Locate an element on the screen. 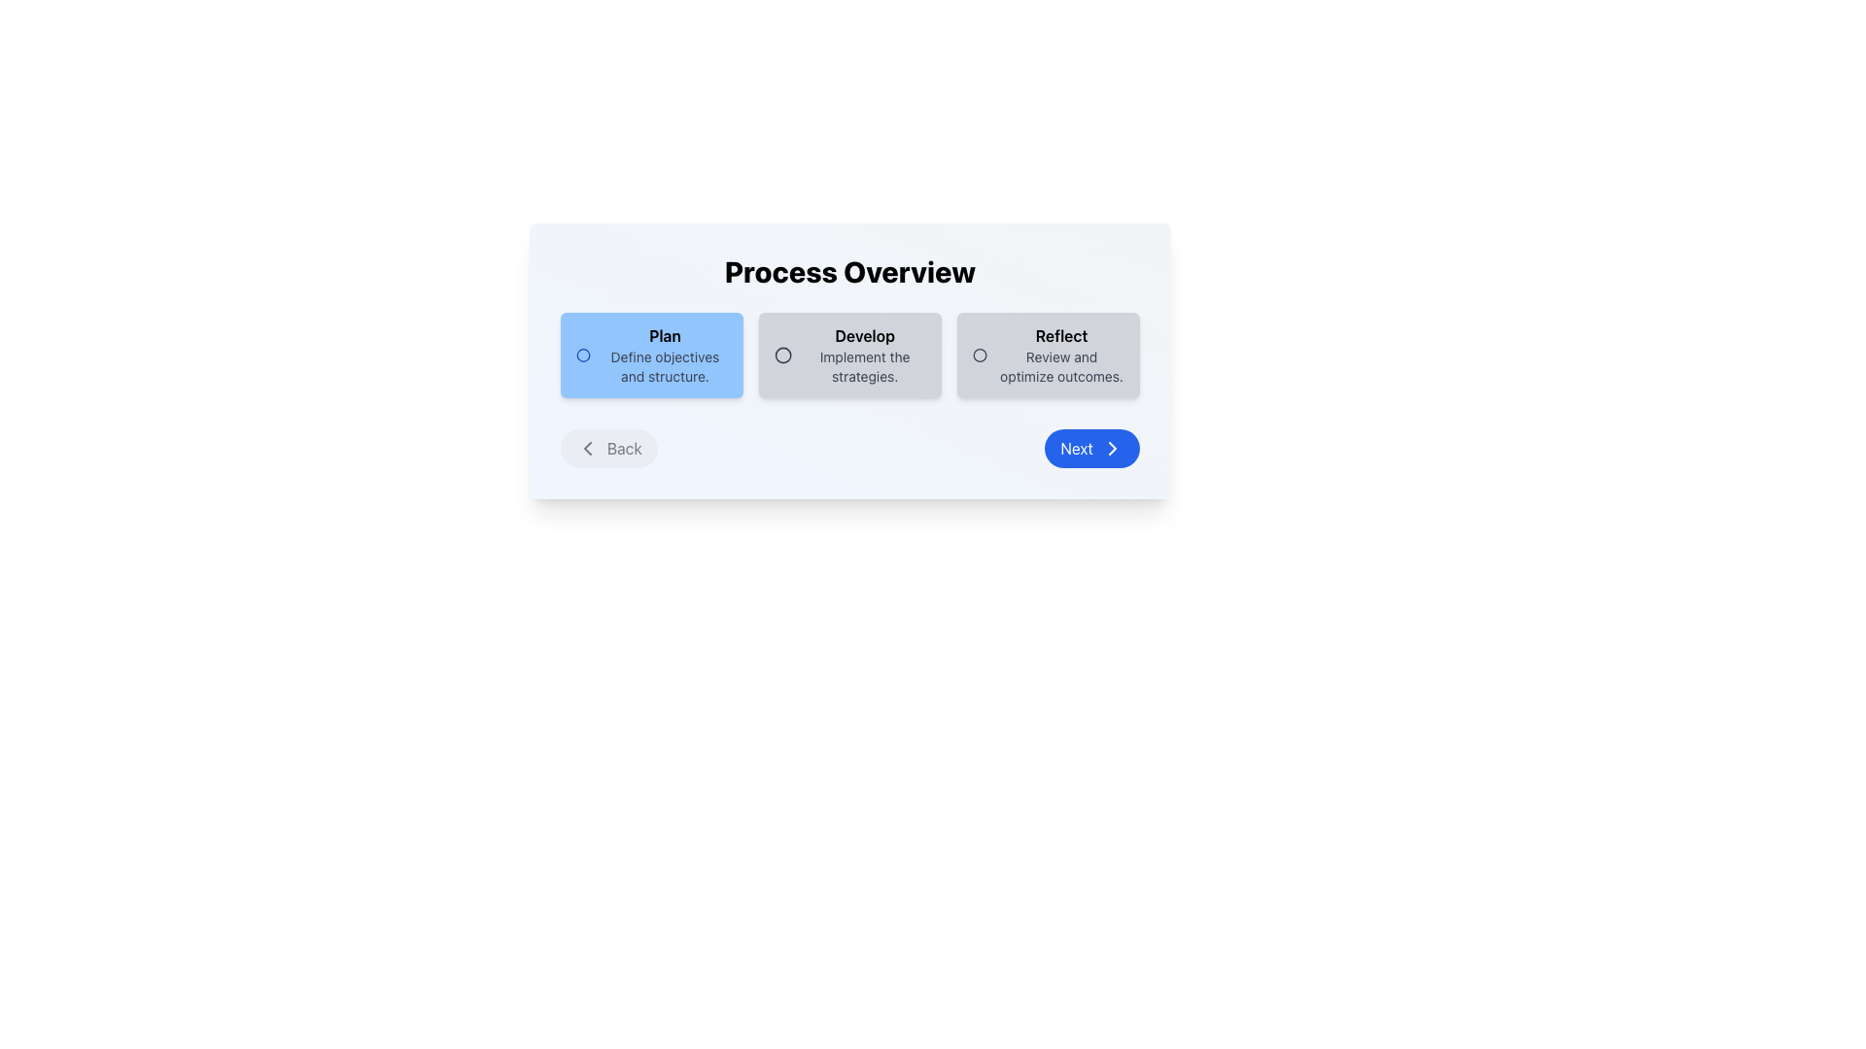  the 'Develop' step text element, which is the second option from the left in a multi-step process interface, located below 'Process Overview' and between 'Plan' and 'Reflect' is located at coordinates (864, 355).